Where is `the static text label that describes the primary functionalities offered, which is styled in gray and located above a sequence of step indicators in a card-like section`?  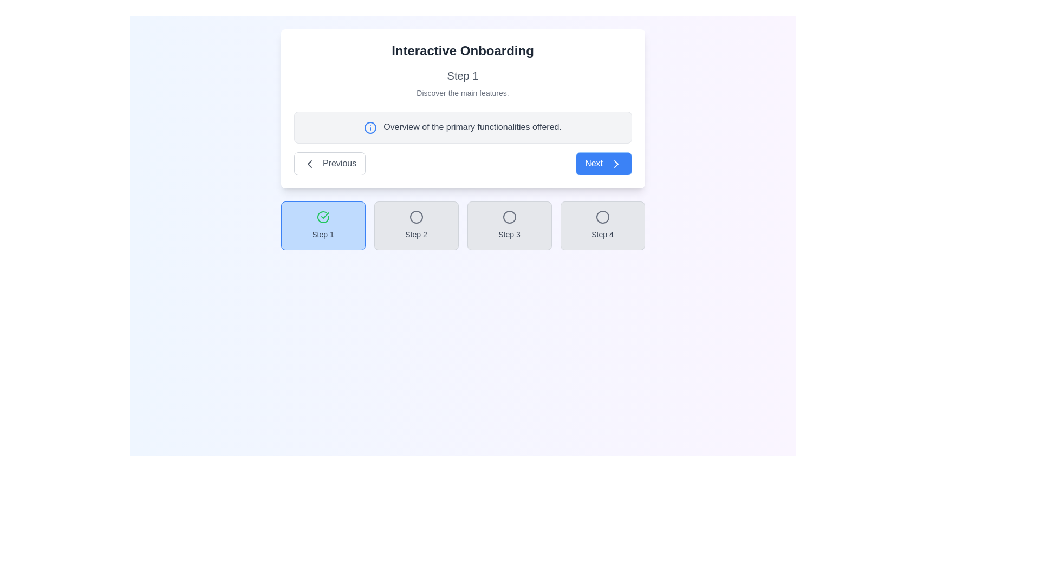 the static text label that describes the primary functionalities offered, which is styled in gray and located above a sequence of step indicators in a card-like section is located at coordinates (472, 126).